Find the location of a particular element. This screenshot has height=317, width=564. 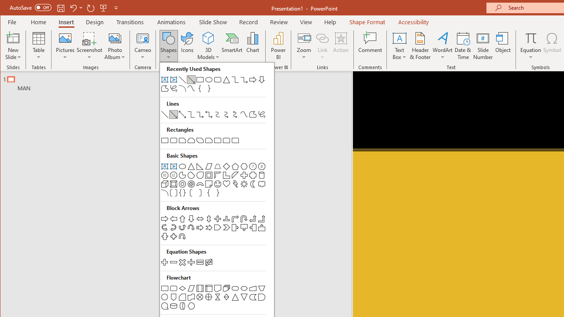

'Screenshot' is located at coordinates (89, 46).